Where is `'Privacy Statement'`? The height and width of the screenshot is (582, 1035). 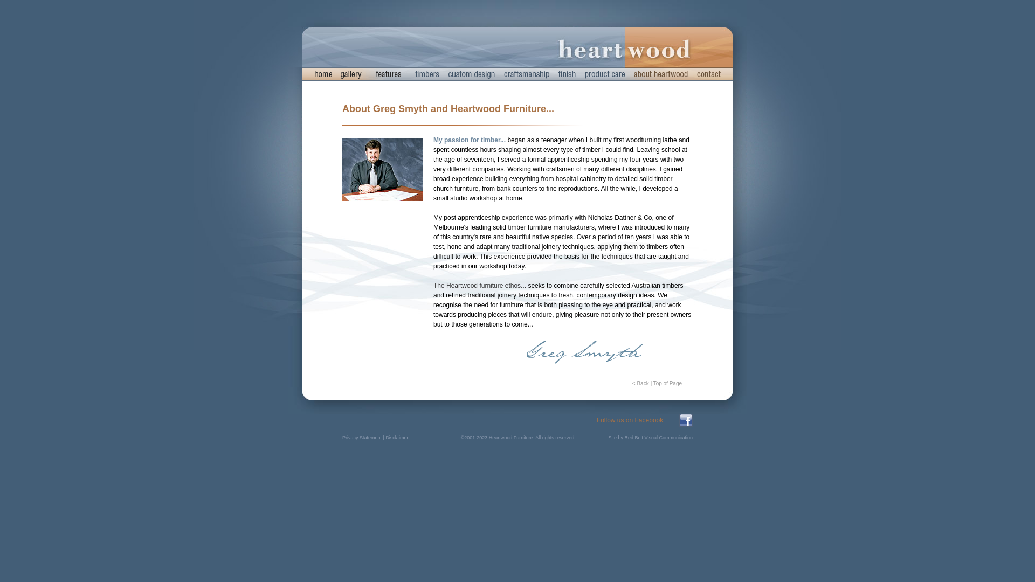 'Privacy Statement' is located at coordinates (362, 438).